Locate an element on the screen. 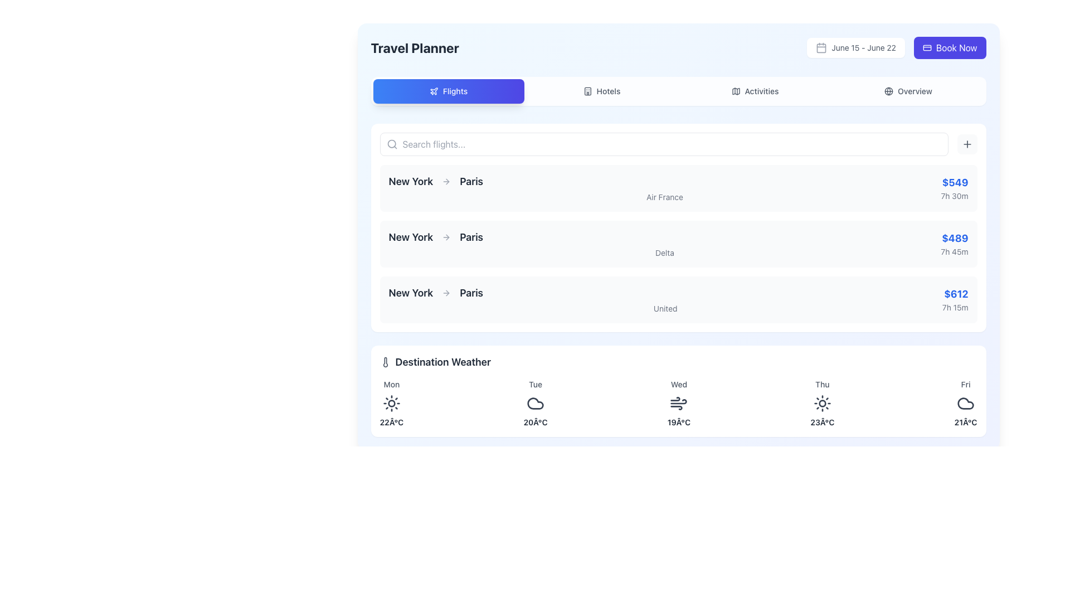 The height and width of the screenshot is (602, 1070). the temperature prediction Text Label for Thursday, which is part of the weather forecast interface located in the fourth column of the grid, below 'Thu' and to the left of 'Friday' is located at coordinates (822, 423).